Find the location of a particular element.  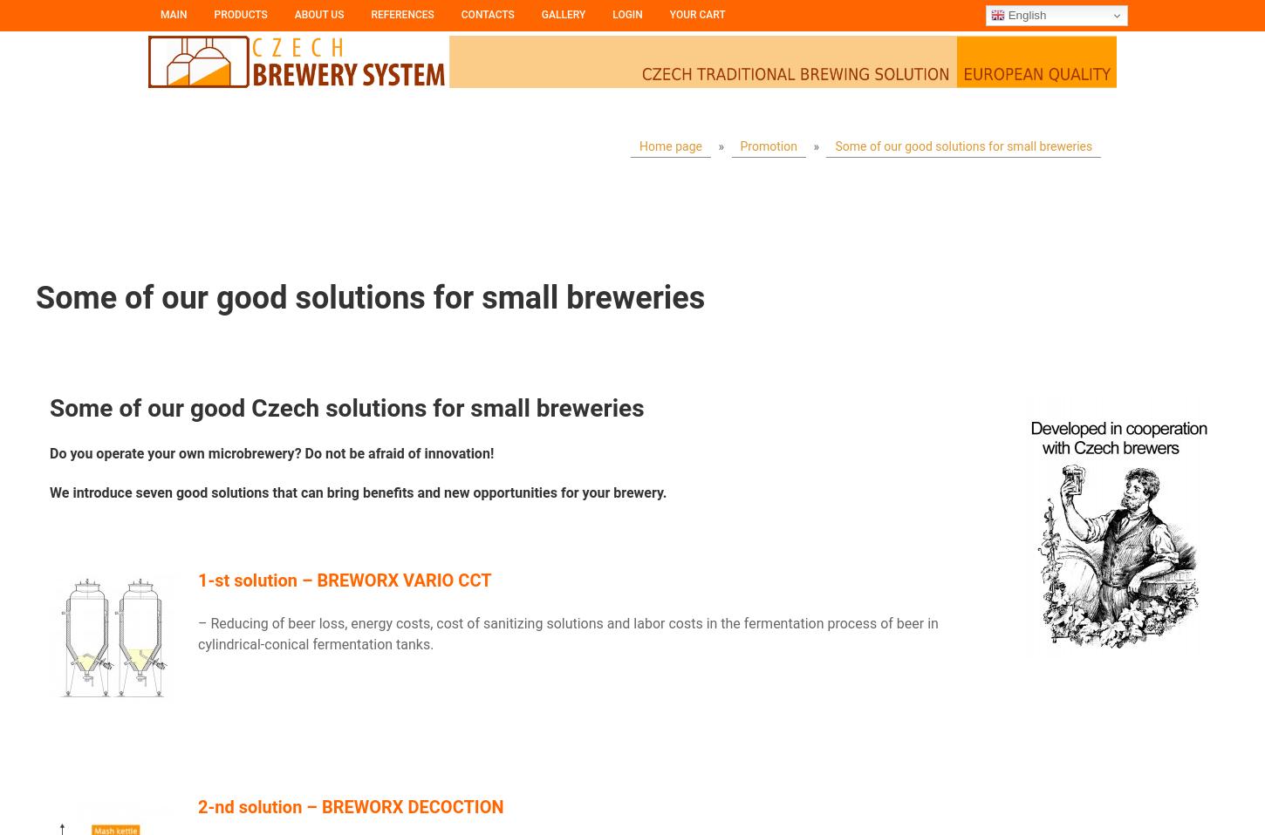

'English' is located at coordinates (1004, 13).